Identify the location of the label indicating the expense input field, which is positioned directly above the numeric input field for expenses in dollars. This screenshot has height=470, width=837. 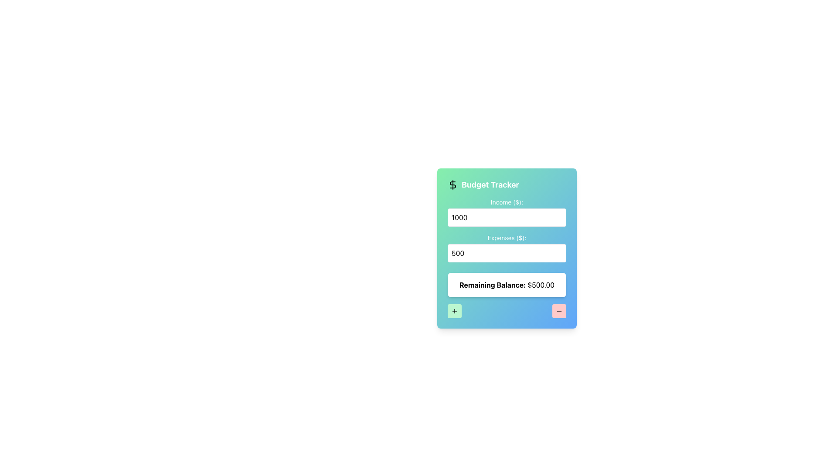
(507, 238).